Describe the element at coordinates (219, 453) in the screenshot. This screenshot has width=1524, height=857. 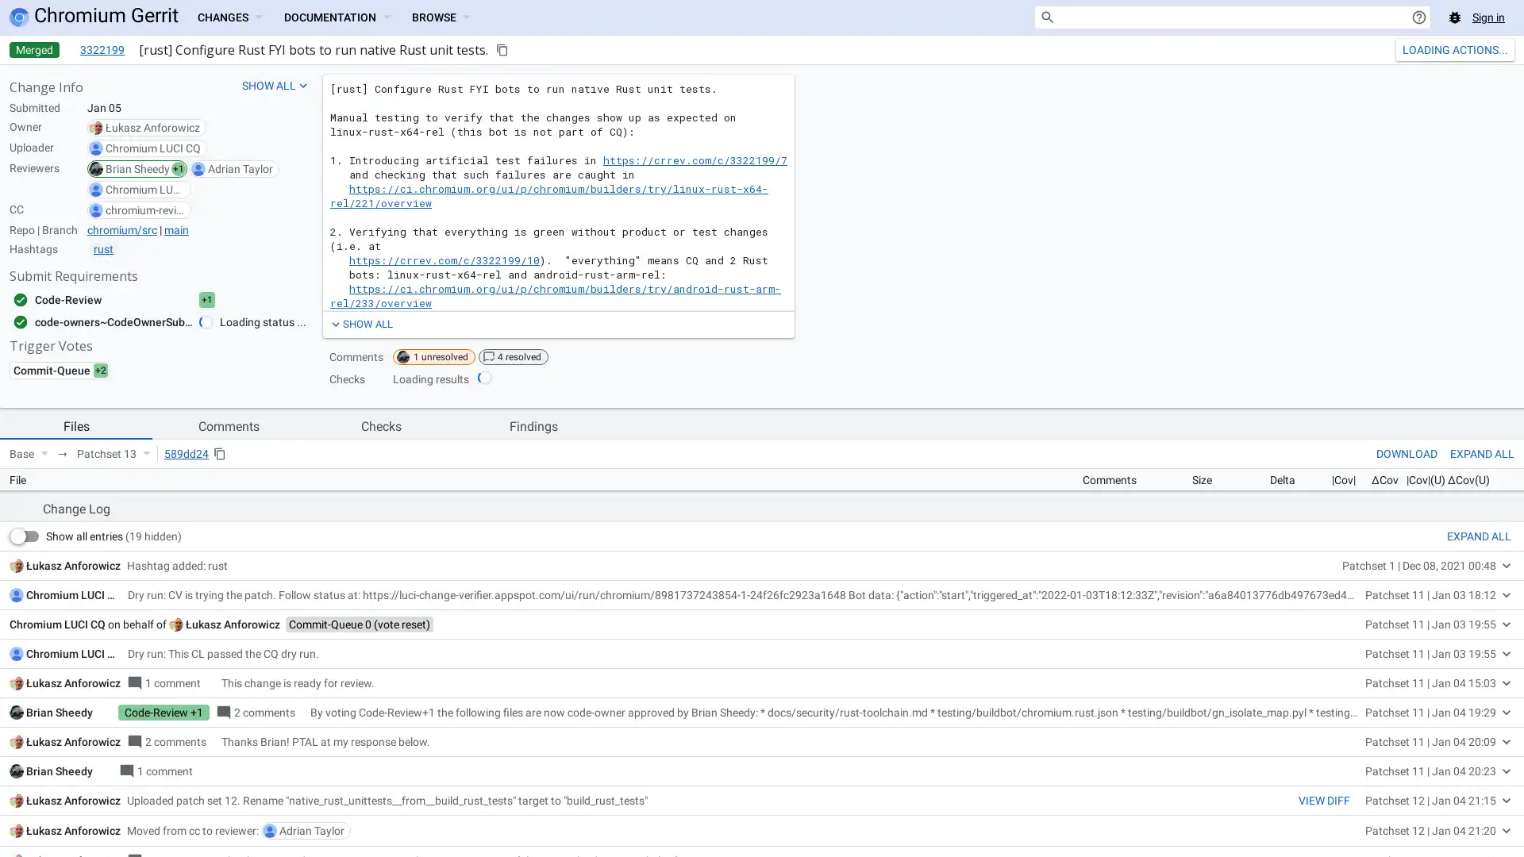
I see `Click to copy to clipboard` at that location.